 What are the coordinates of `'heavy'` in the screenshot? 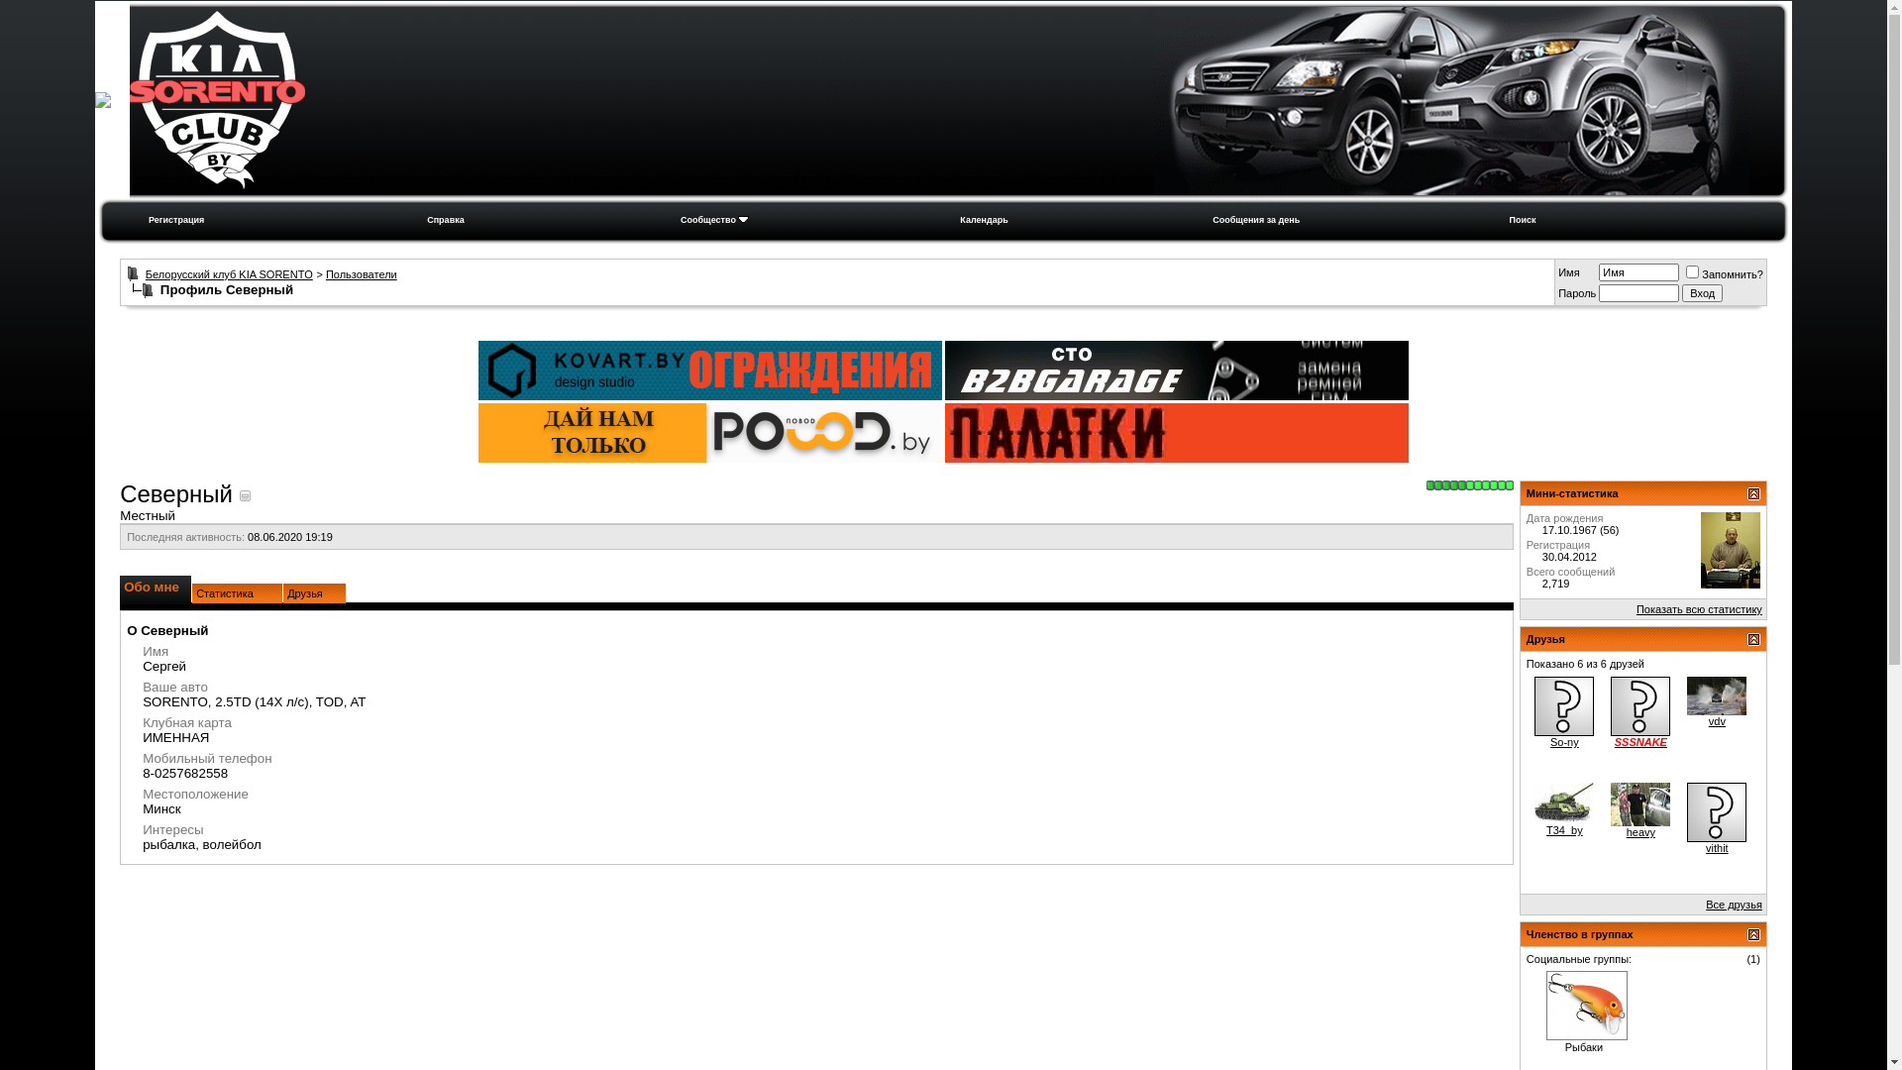 It's located at (1640, 832).